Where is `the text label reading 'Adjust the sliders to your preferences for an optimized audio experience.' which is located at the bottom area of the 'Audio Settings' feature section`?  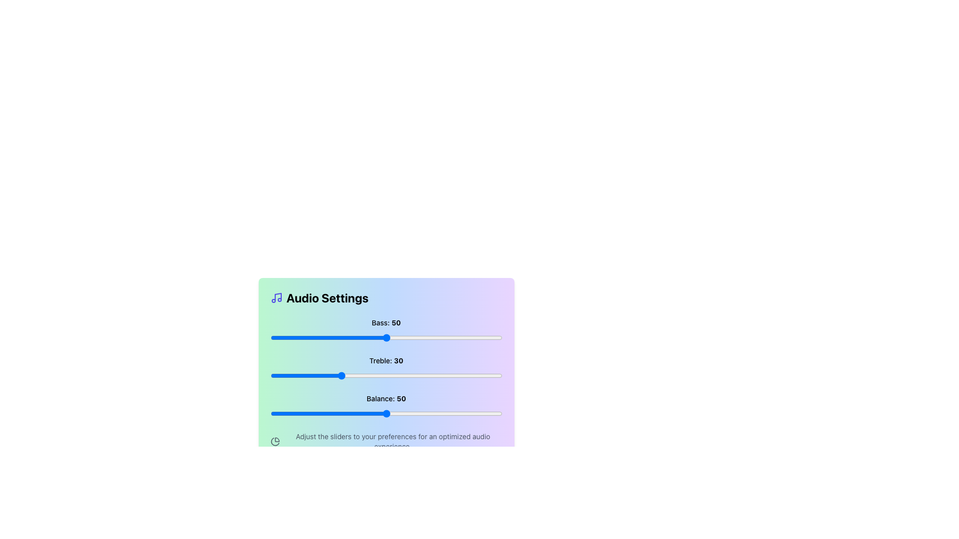 the text label reading 'Adjust the sliders to your preferences for an optimized audio experience.' which is located at the bottom area of the 'Audio Settings' feature section is located at coordinates (392, 441).